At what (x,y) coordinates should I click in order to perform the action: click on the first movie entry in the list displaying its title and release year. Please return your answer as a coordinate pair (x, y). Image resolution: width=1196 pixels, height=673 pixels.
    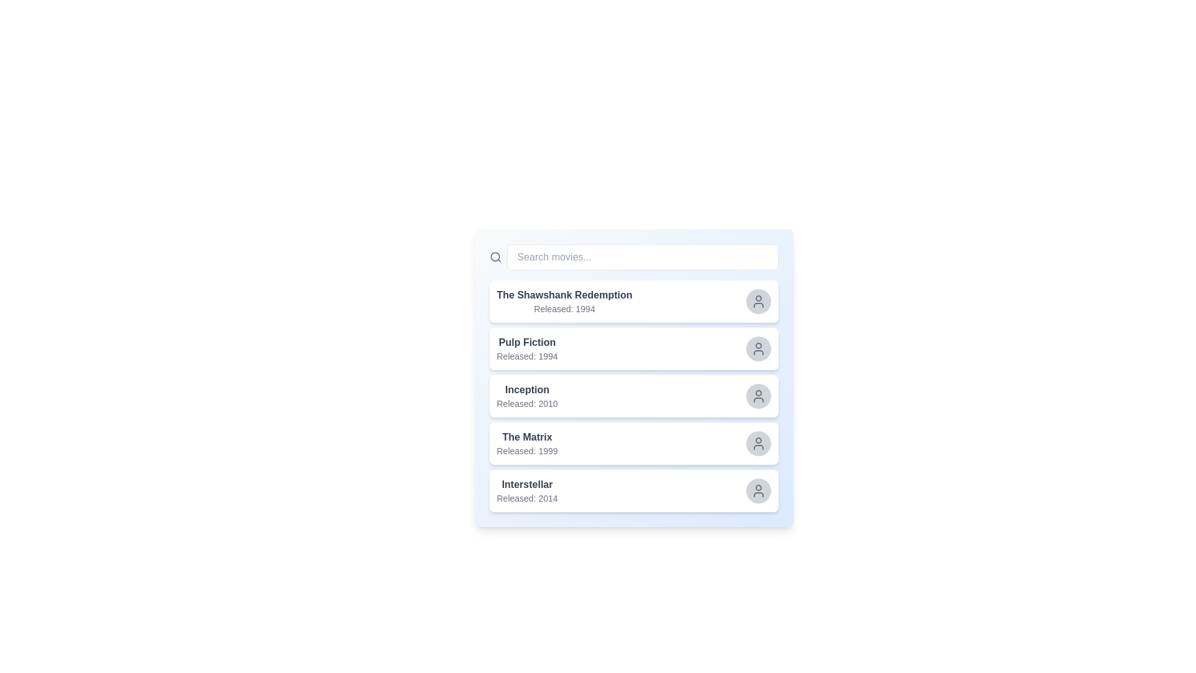
    Looking at the image, I should click on (634, 301).